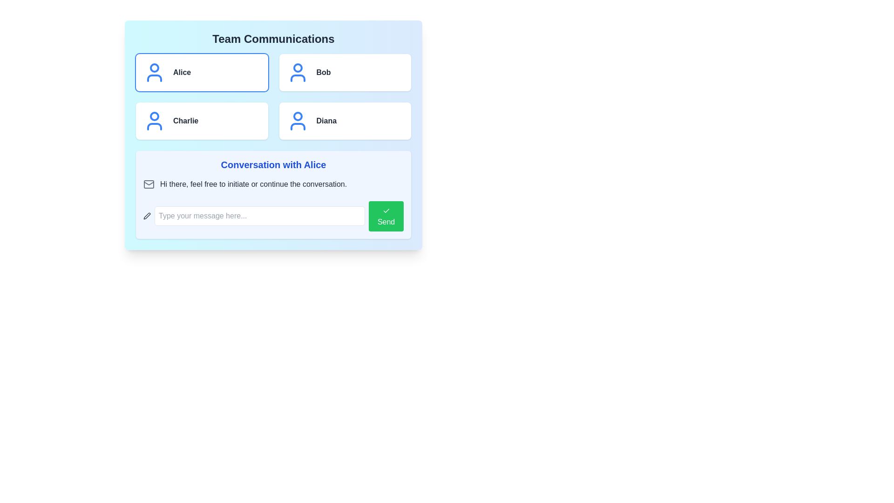  What do you see at coordinates (253, 184) in the screenshot?
I see `the text label providing a welcoming or guiding message in the chat interface, located below the header 'Conversation with Alice' and aligned with the envelope icon` at bounding box center [253, 184].